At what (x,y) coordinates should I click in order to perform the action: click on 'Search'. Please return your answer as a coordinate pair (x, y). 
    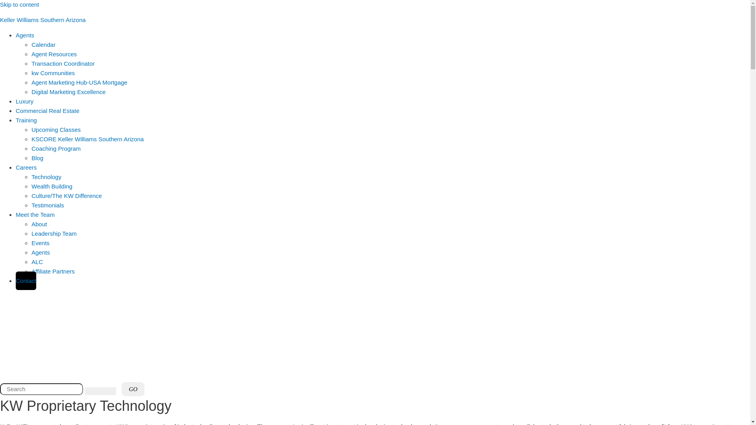
    Looking at the image, I should click on (41, 388).